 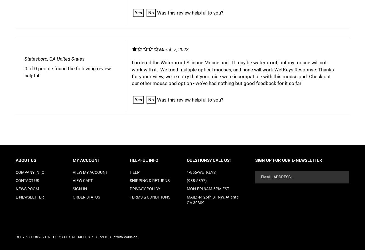 I want to click on '0 of 0 people found the following review helpful:', so click(x=68, y=71).